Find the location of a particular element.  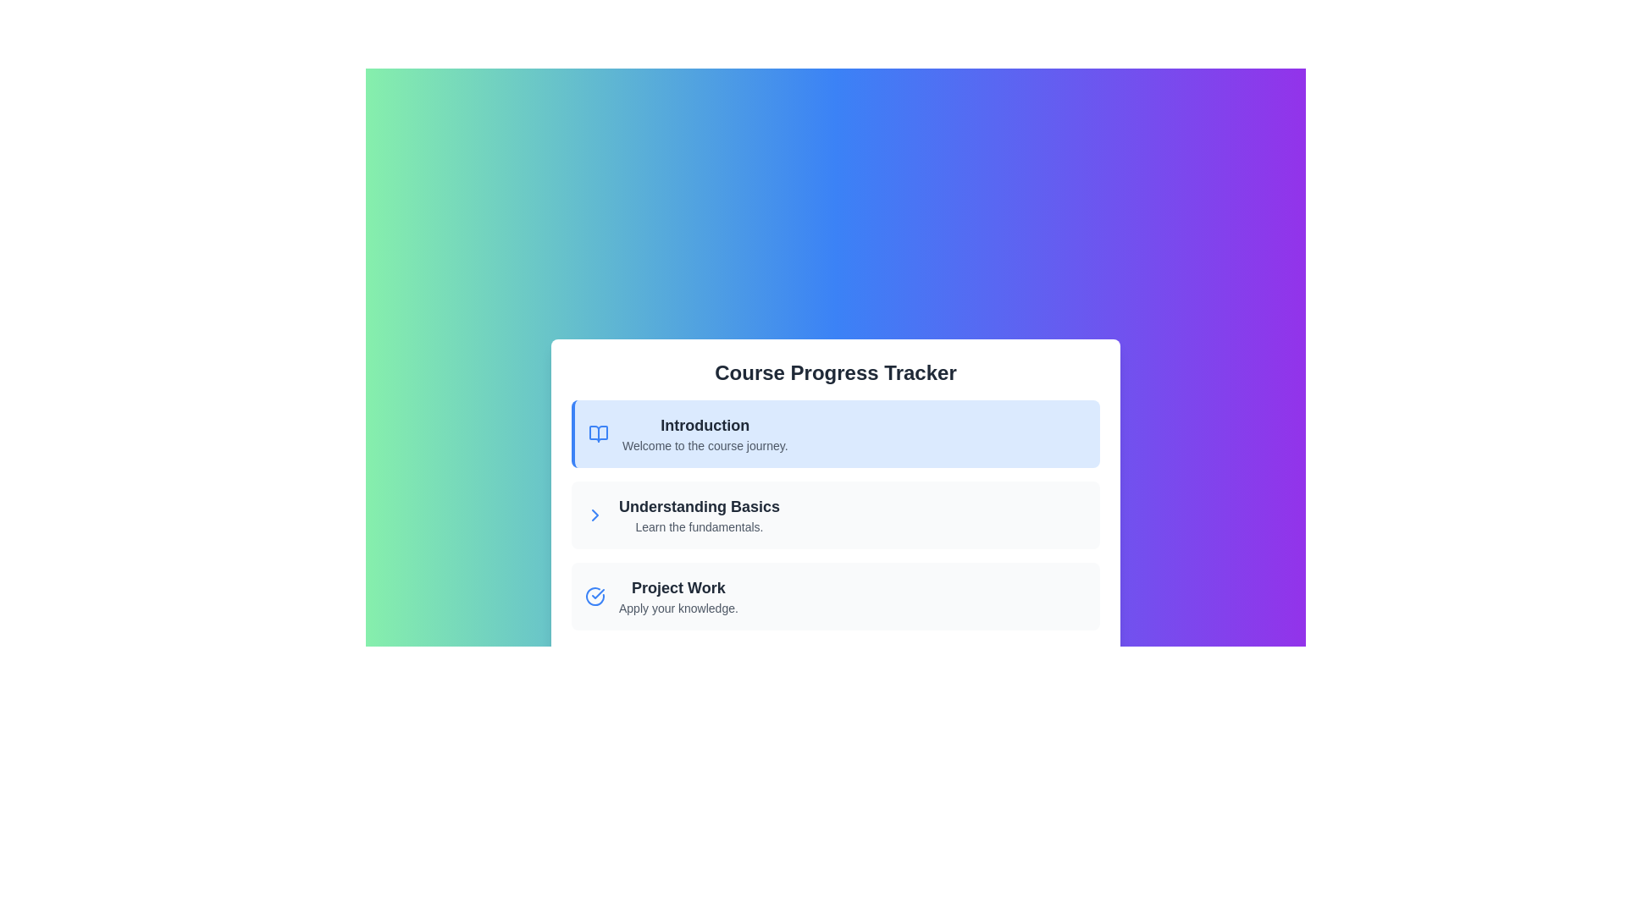

the list item component titled 'Understanding Basics' in the Course Progress Tracker section is located at coordinates (836, 515).